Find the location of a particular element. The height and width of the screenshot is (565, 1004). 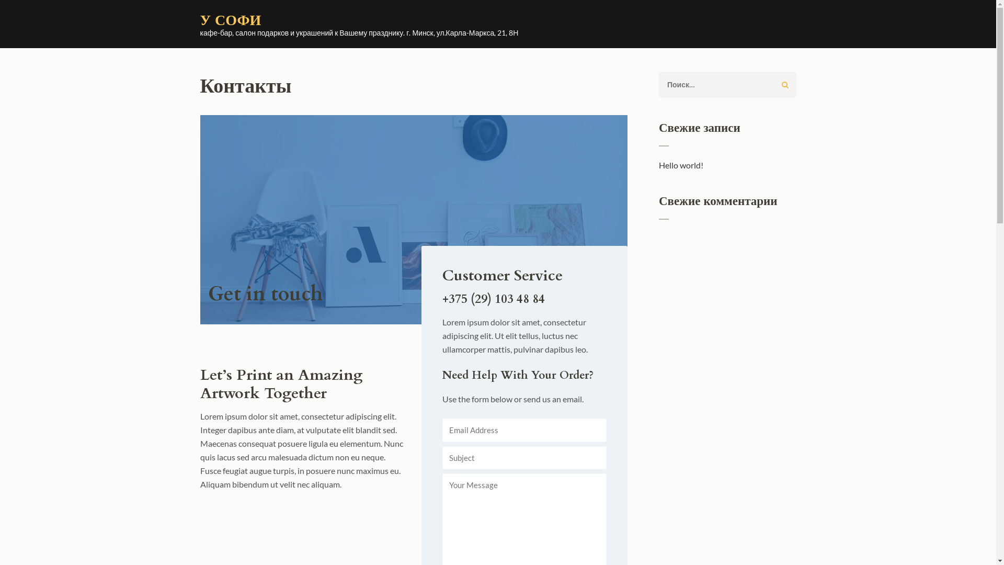

'Hello world!' is located at coordinates (658, 165).